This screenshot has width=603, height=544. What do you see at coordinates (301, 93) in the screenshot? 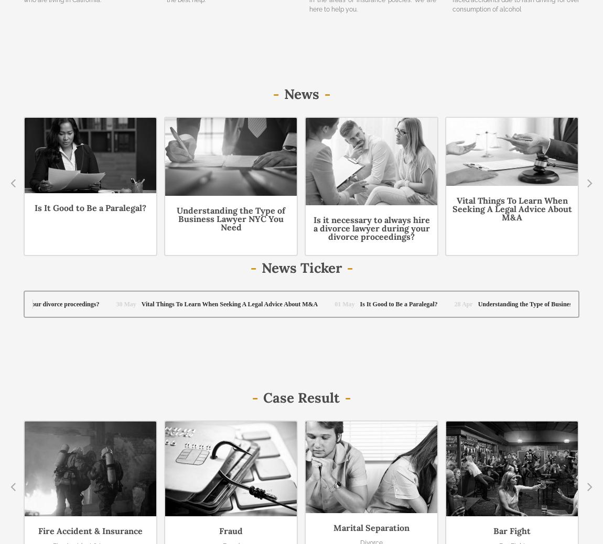
I see `'News'` at bounding box center [301, 93].